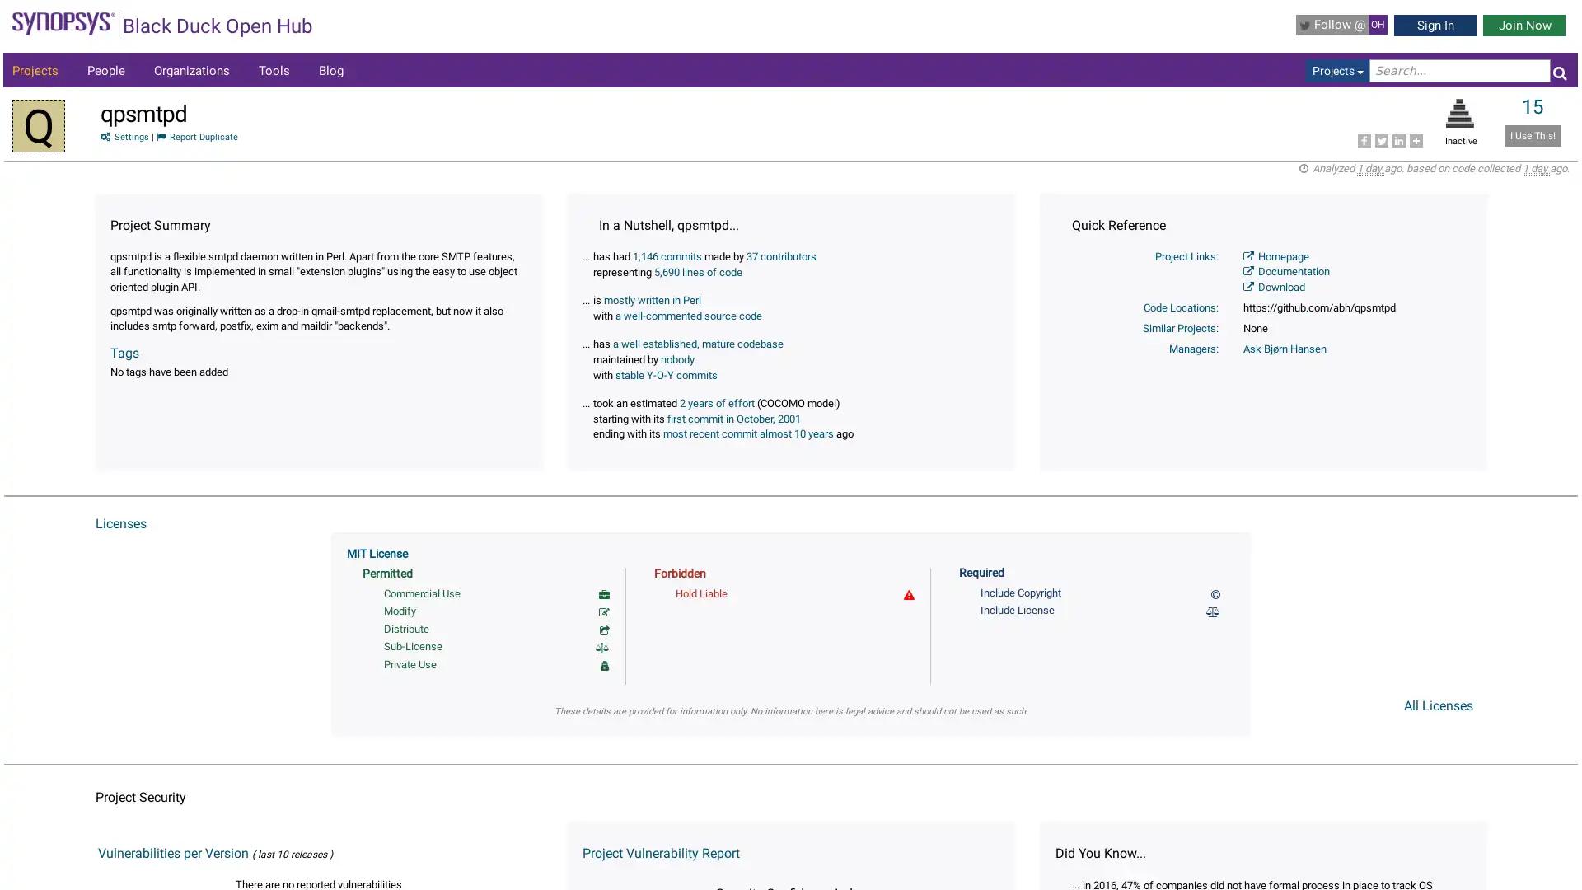  I want to click on Share to LinkedIn, so click(1397, 139).